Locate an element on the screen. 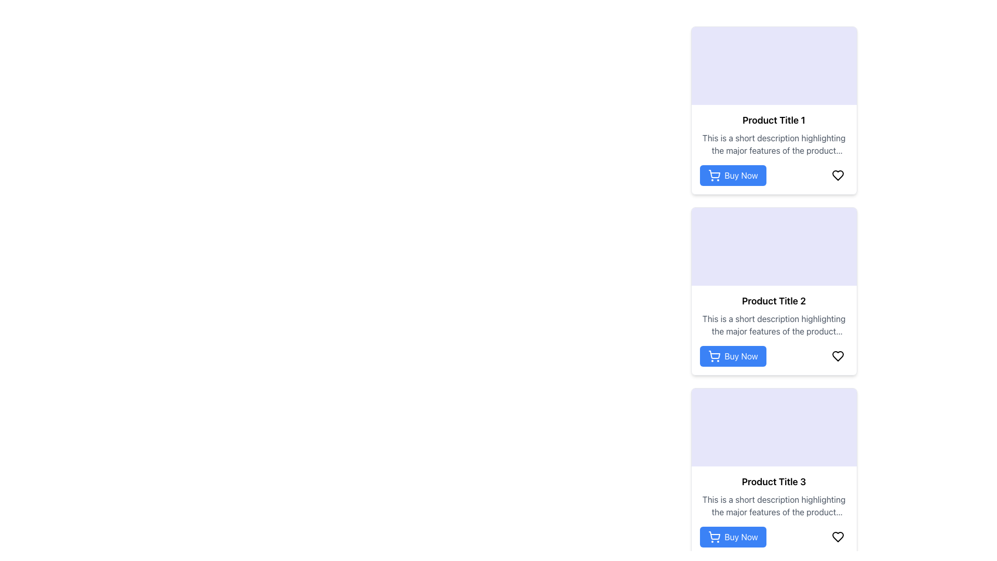 This screenshot has width=997, height=561. static text that serves as the primary title of the product in the first product card located at the top section of the card list is located at coordinates (774, 119).